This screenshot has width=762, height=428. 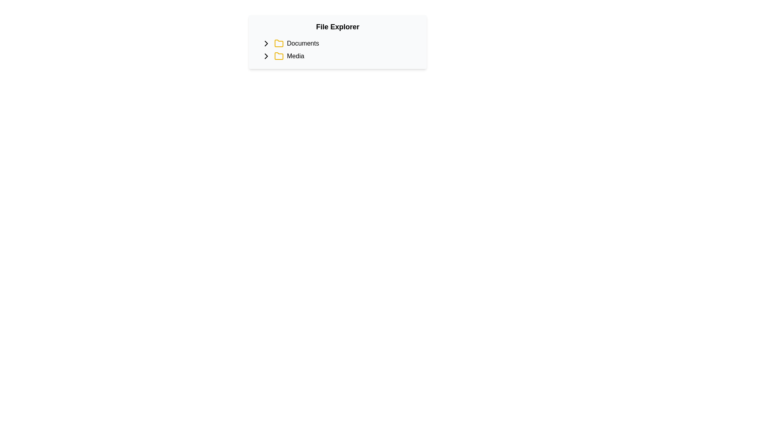 I want to click on the Folder Icon representing the 'Documents' category, located in the left portion of the 'Documents' row within the 'File Explorer' section, so click(x=279, y=44).